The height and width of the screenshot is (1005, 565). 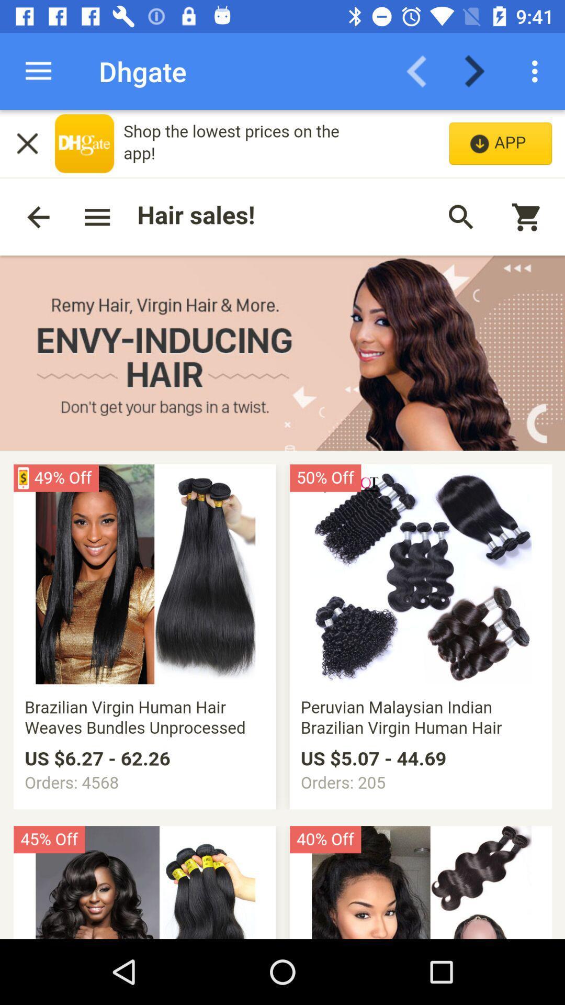 What do you see at coordinates (481, 71) in the screenshot?
I see `go forward` at bounding box center [481, 71].